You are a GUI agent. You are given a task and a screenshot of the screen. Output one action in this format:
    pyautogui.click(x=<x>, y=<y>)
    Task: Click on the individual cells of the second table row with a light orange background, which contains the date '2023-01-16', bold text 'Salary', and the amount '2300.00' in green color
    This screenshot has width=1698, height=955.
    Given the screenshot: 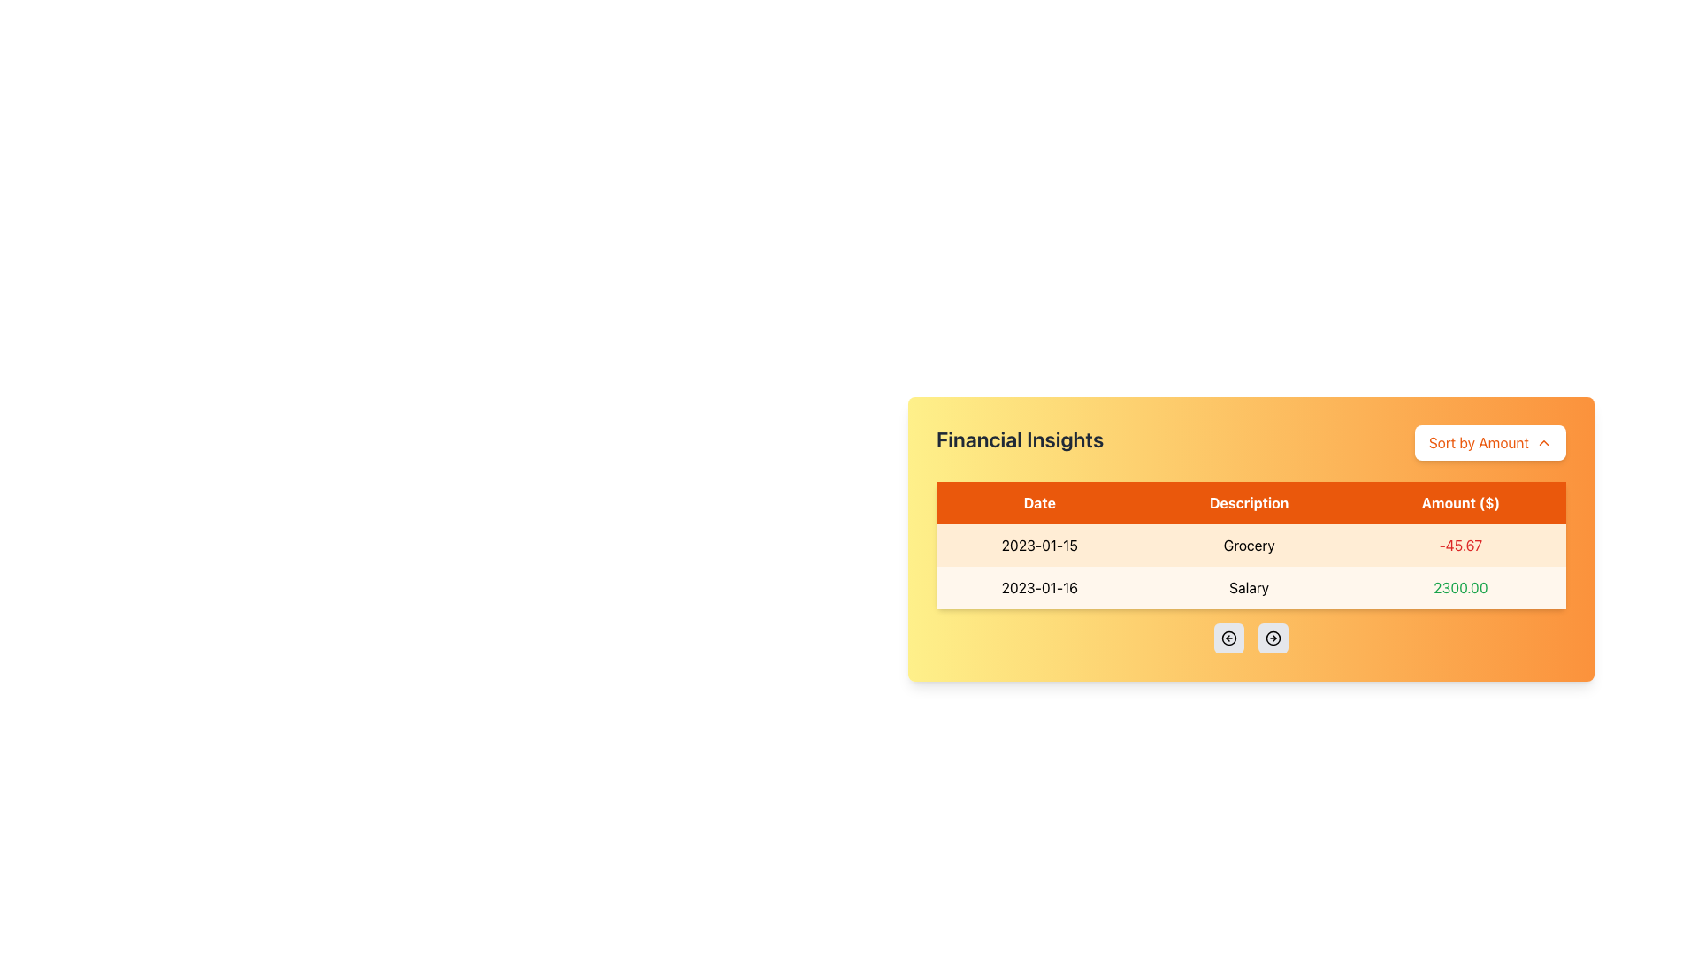 What is the action you would take?
    pyautogui.click(x=1251, y=587)
    